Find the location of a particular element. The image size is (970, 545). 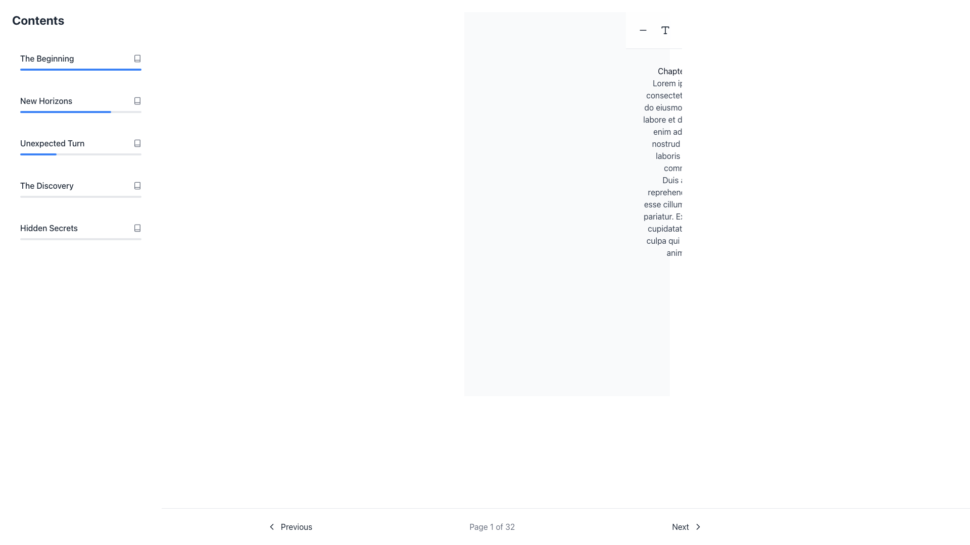

the SVG icon located at the right end of the 'Unexpected Turn' list item in the contents navigation interface is located at coordinates (137, 143).